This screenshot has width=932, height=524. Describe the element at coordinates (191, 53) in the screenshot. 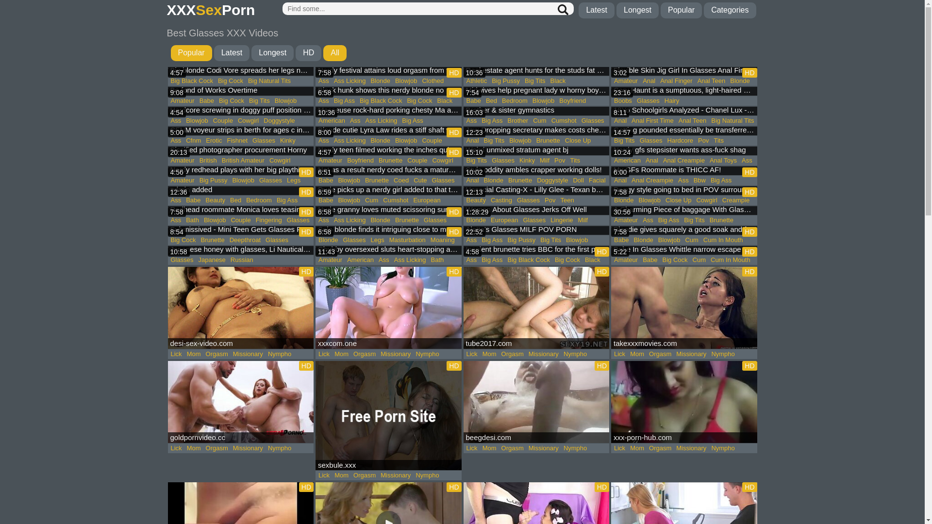

I see `'Popular'` at that location.